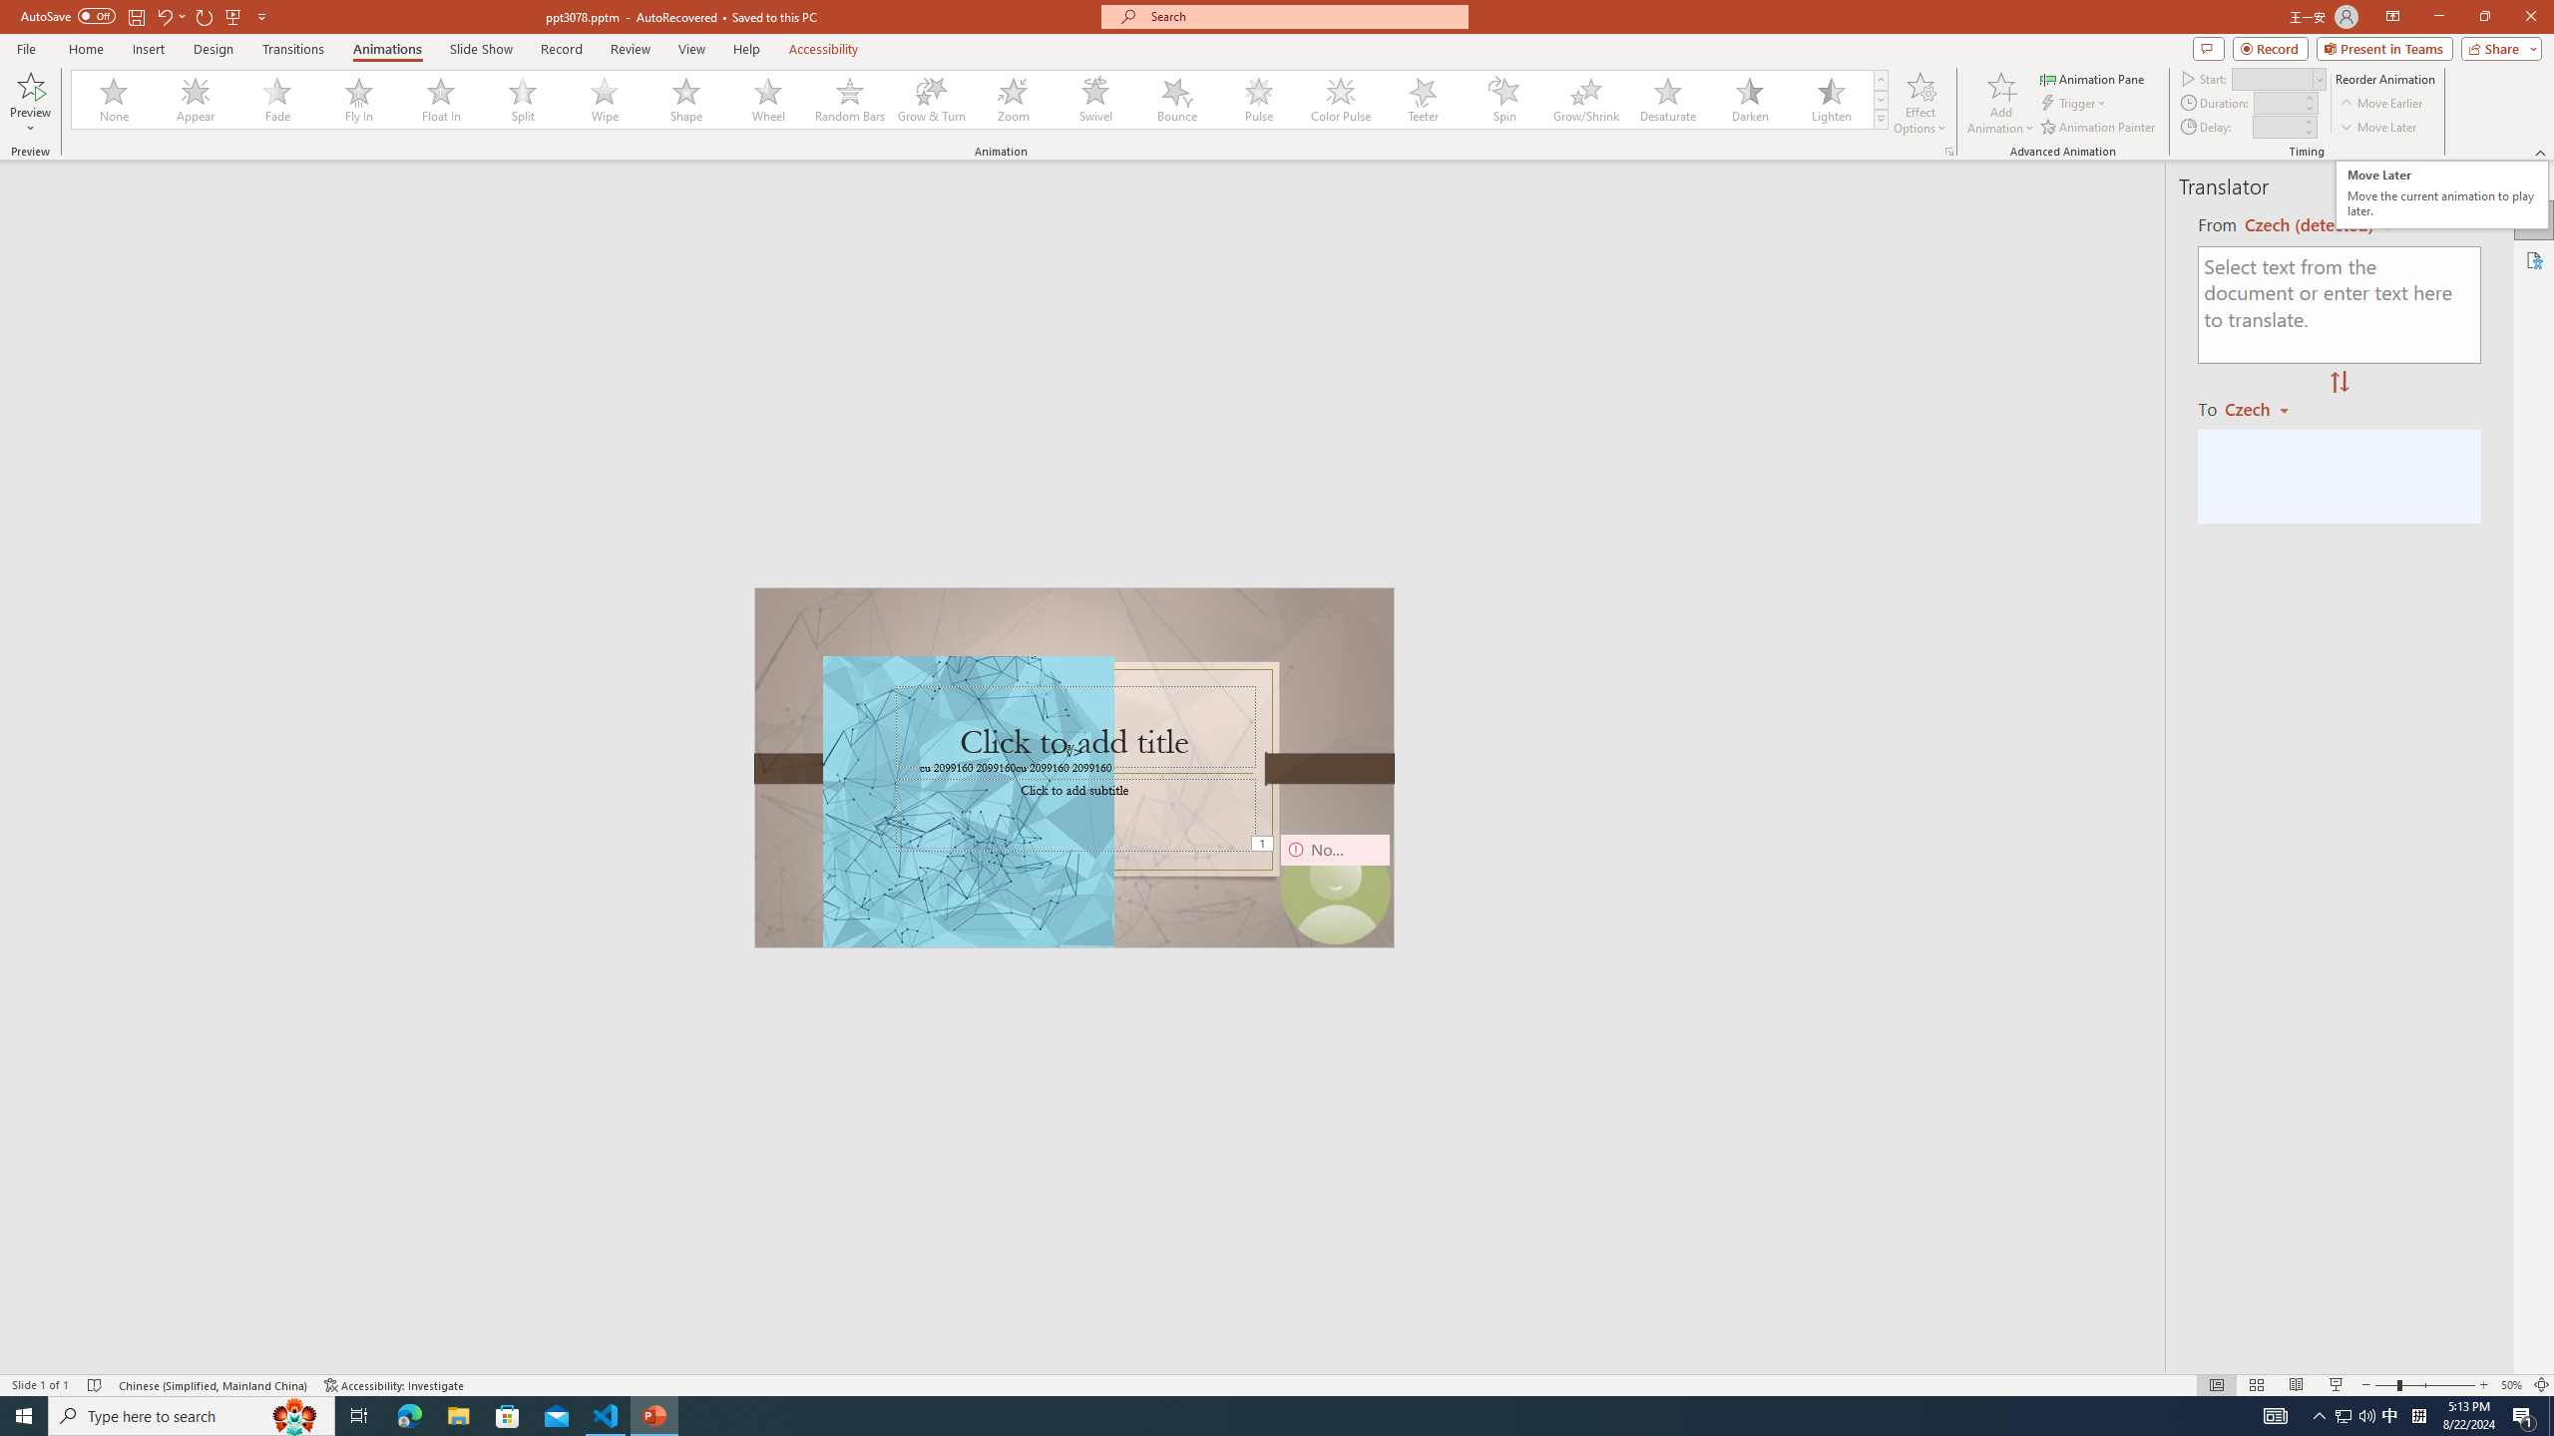 The width and height of the screenshot is (2554, 1436). Describe the element at coordinates (1421, 99) in the screenshot. I see `'Teeter'` at that location.